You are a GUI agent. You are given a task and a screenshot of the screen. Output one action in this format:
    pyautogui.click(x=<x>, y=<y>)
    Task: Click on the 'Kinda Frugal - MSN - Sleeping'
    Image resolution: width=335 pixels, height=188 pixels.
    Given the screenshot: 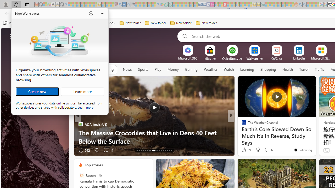 What is the action you would take?
    pyautogui.click(x=283, y=4)
    